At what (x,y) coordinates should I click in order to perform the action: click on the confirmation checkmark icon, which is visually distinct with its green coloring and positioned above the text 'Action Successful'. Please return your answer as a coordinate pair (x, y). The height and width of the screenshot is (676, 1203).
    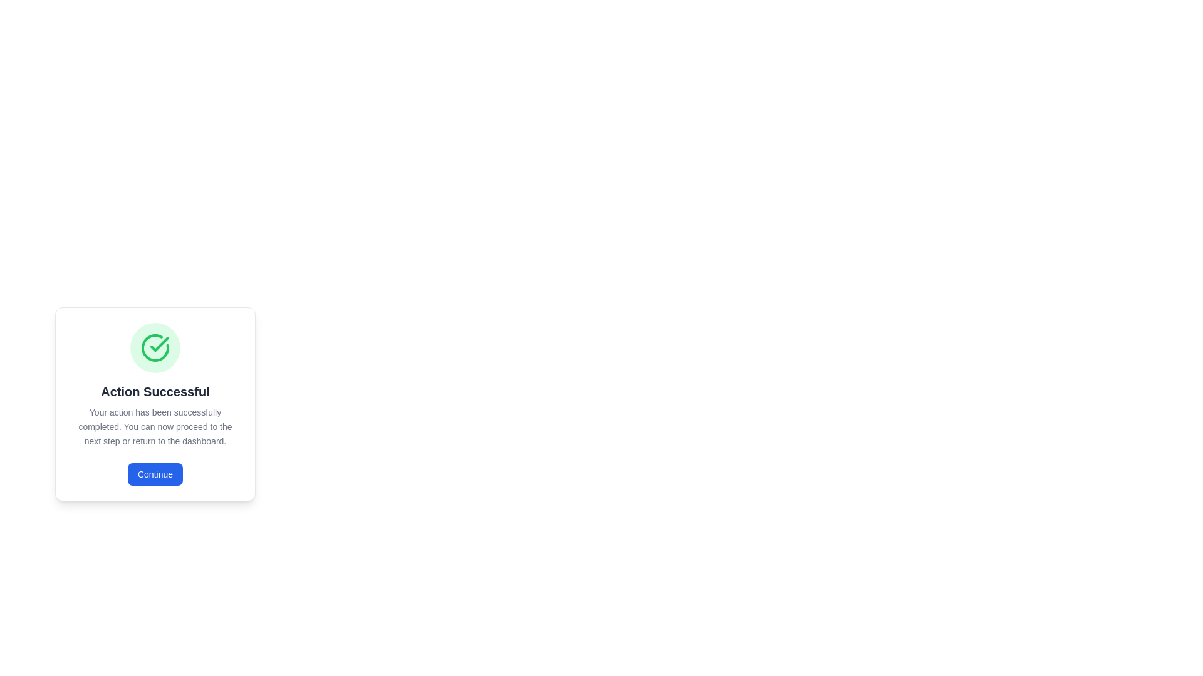
    Looking at the image, I should click on (155, 347).